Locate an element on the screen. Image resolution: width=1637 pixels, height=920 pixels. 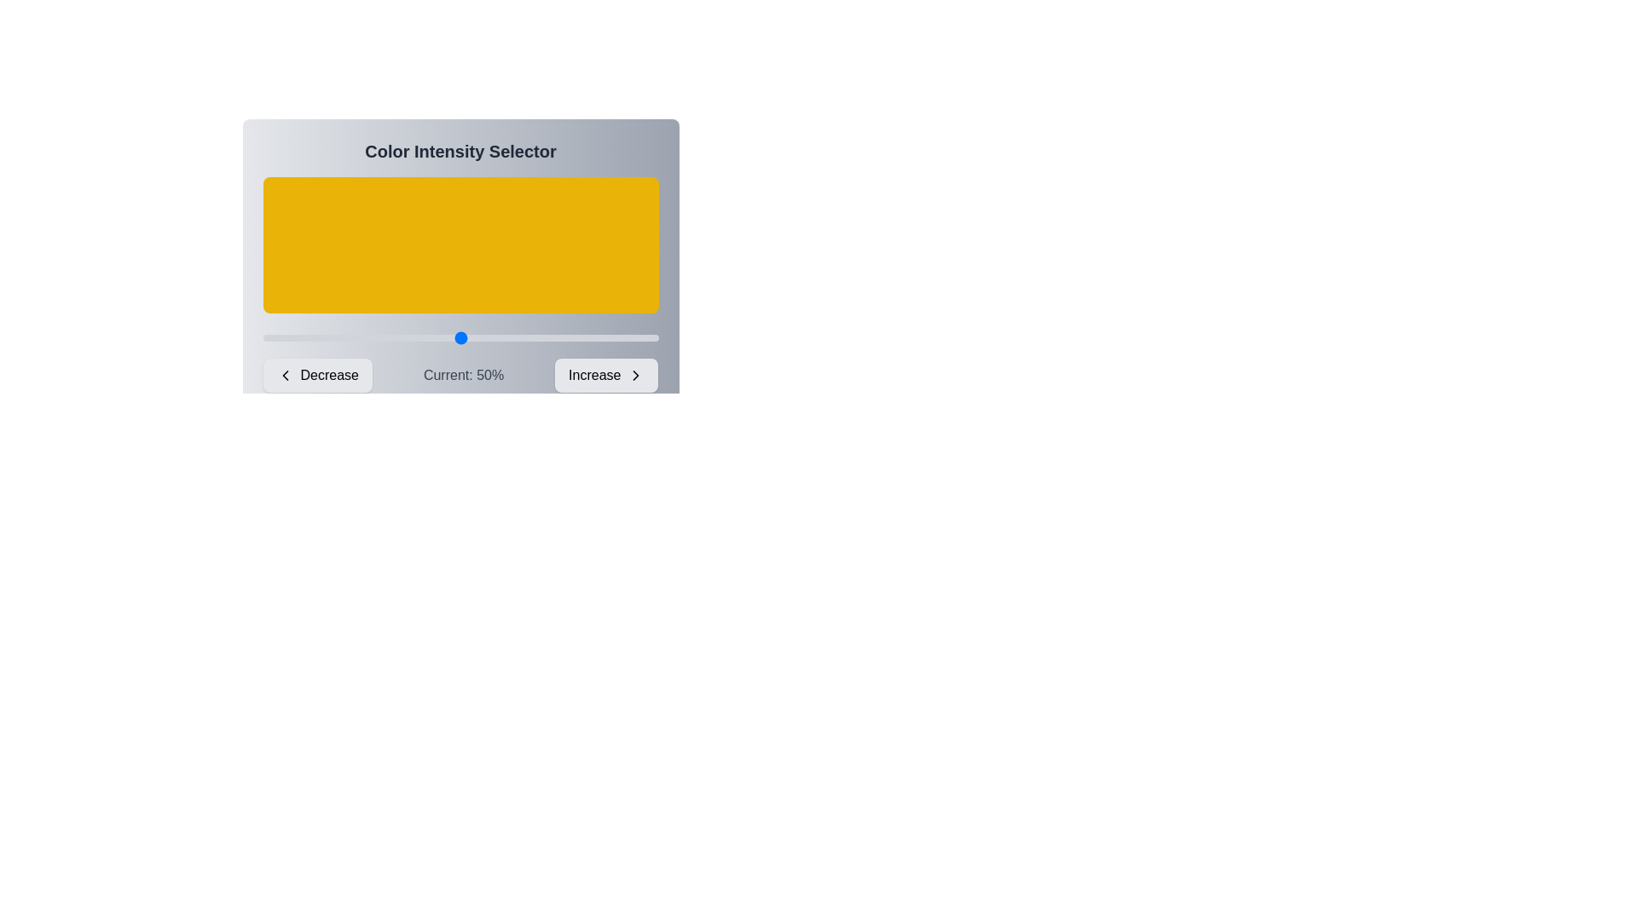
color intensity is located at coordinates (330, 338).